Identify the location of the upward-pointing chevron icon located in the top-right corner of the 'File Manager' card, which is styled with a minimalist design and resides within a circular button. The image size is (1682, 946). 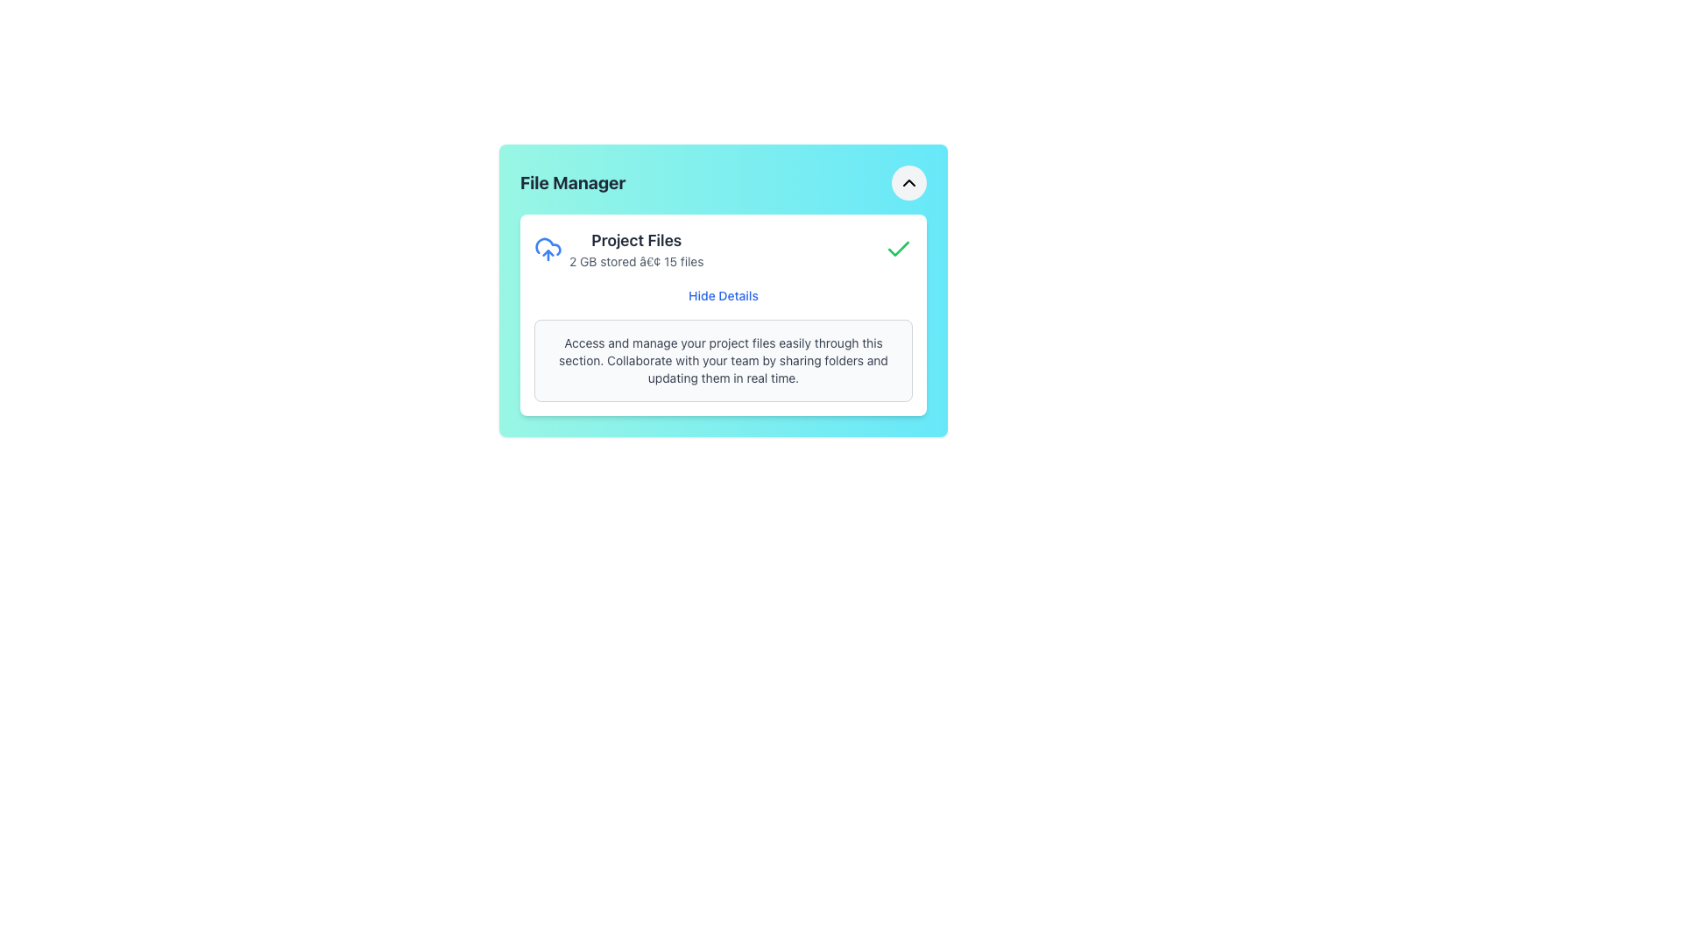
(908, 182).